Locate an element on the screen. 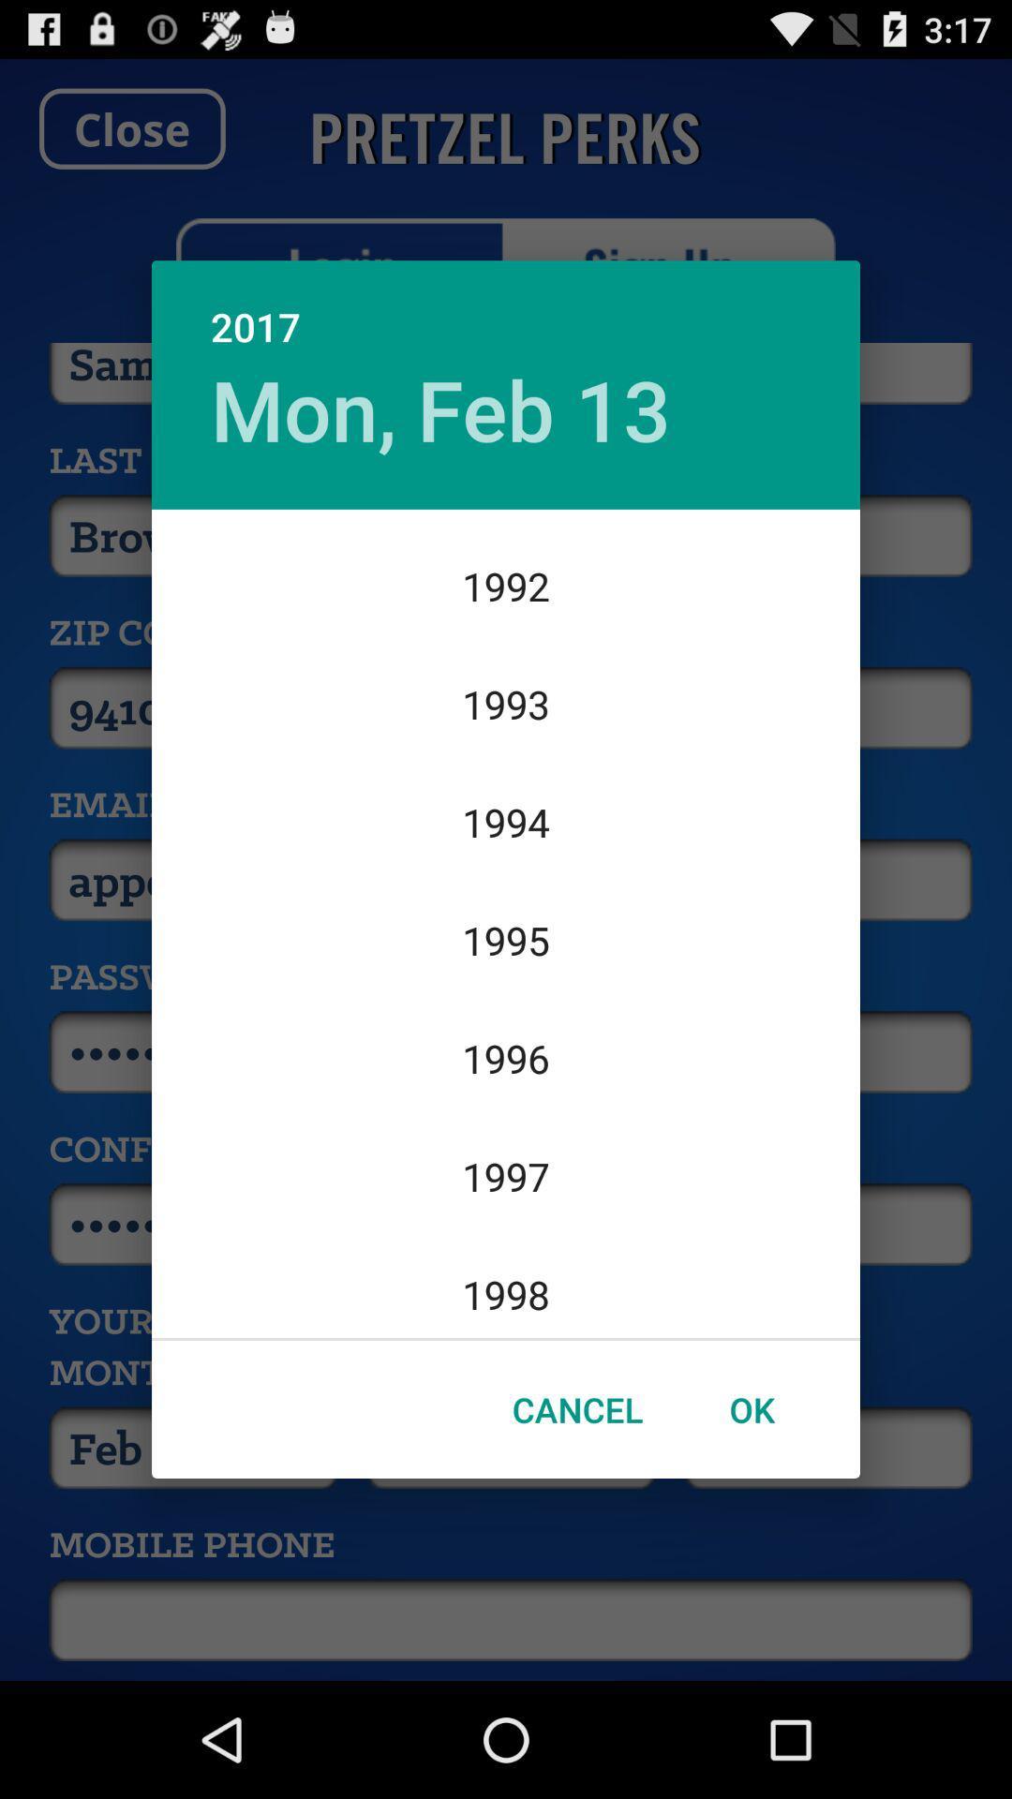 The image size is (1012, 1799). the item above 1991 icon is located at coordinates (440, 408).